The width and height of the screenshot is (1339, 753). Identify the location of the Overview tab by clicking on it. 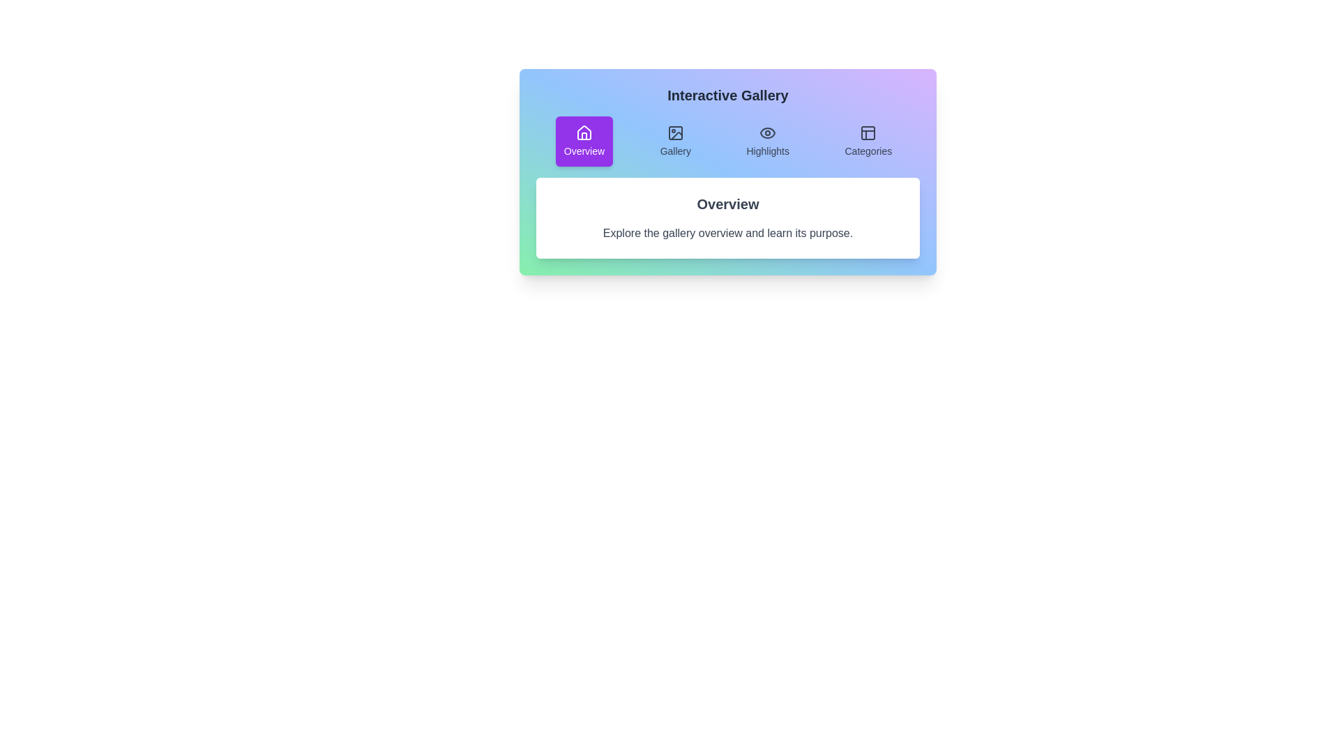
(584, 142).